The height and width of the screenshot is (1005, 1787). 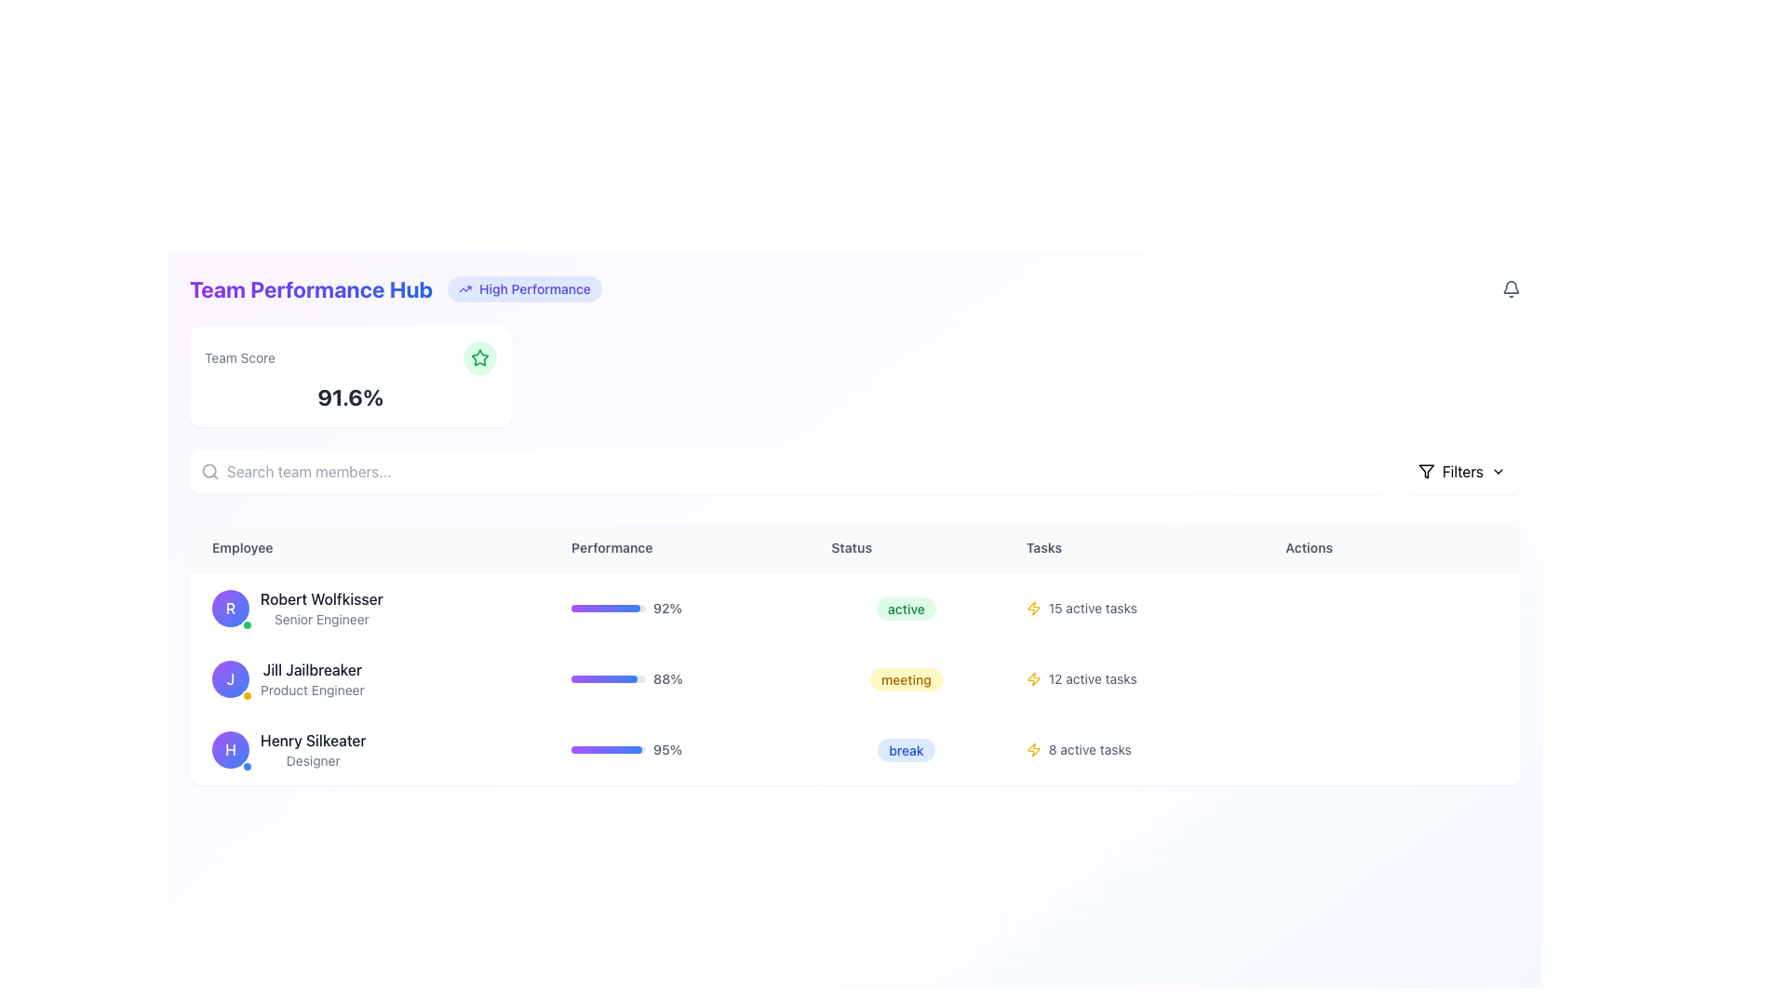 I want to click on the Text label displaying '88%' that is located in the 'Performance' column of the table row for 'Jill Jailbreaker', so click(x=667, y=678).